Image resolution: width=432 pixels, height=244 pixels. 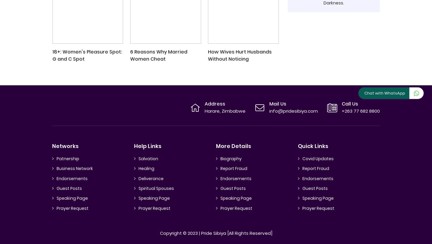 I want to click on 'Business Network', so click(x=74, y=168).